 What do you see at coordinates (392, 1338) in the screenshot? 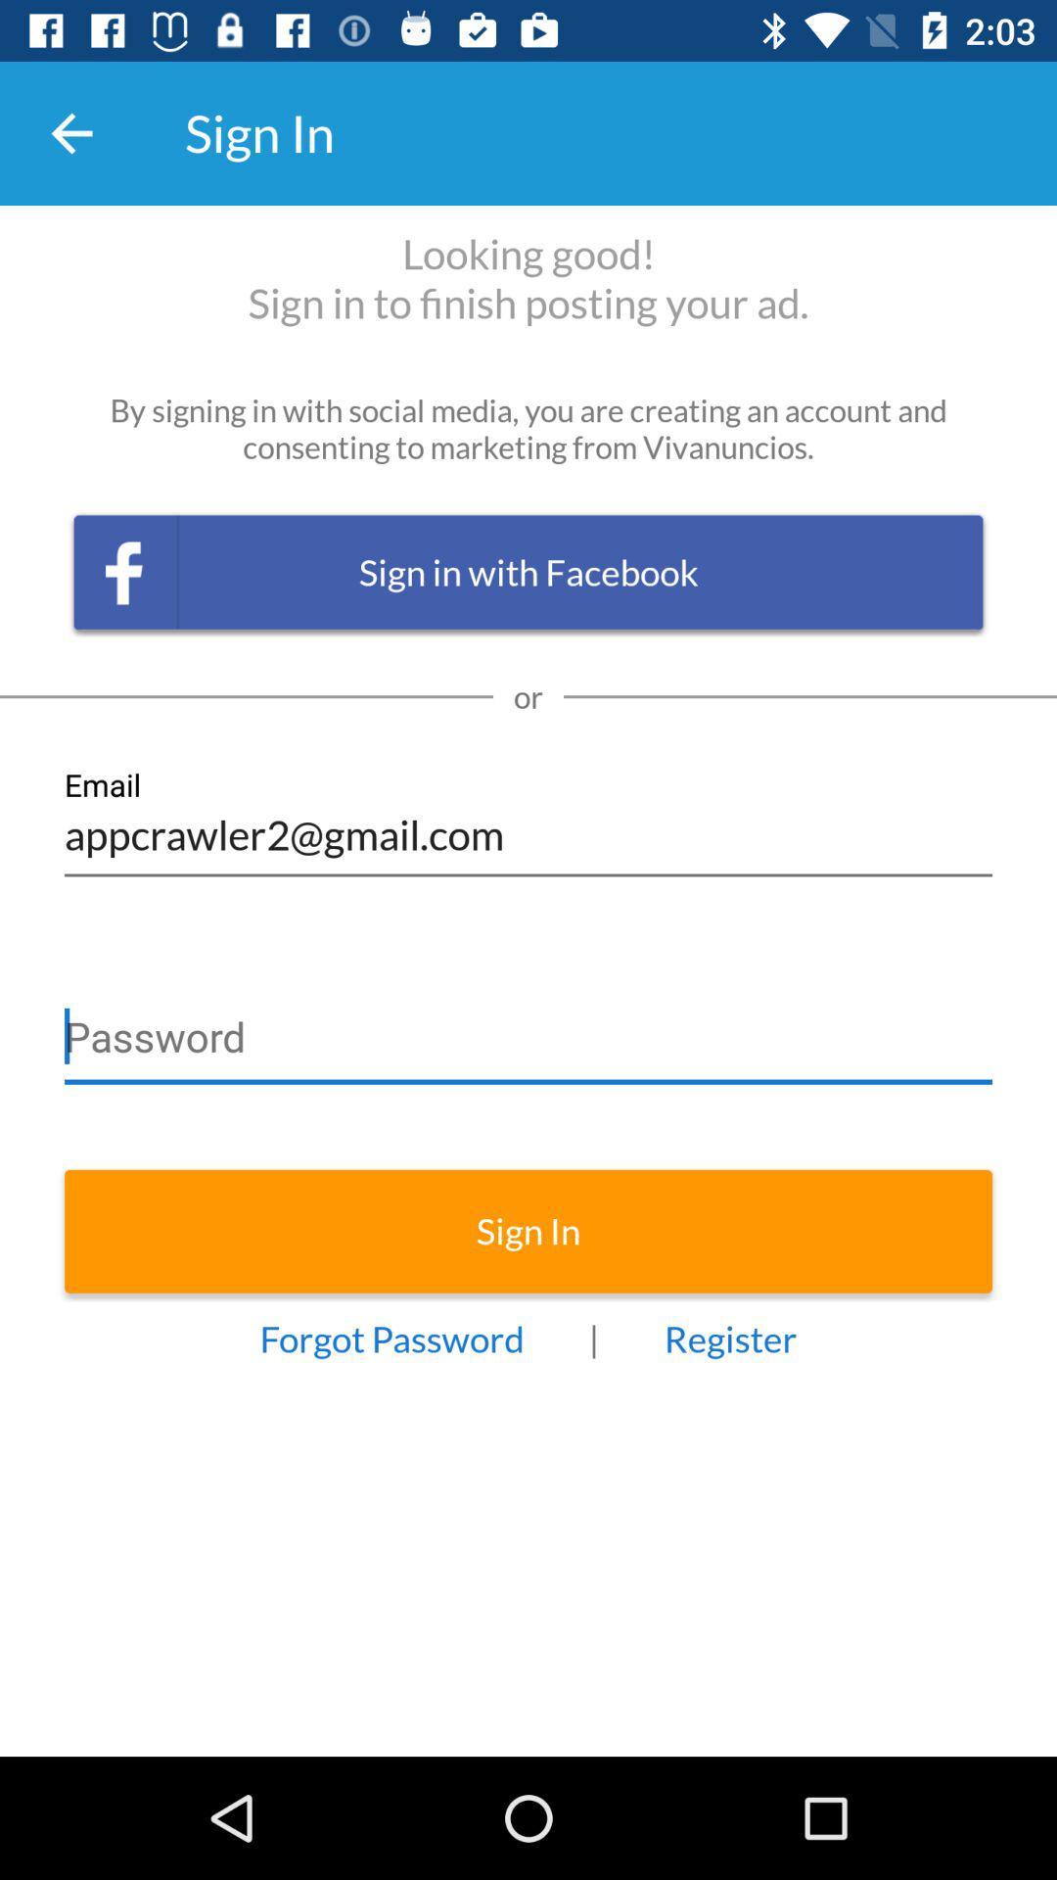
I see `forgot password at the bottom` at bounding box center [392, 1338].